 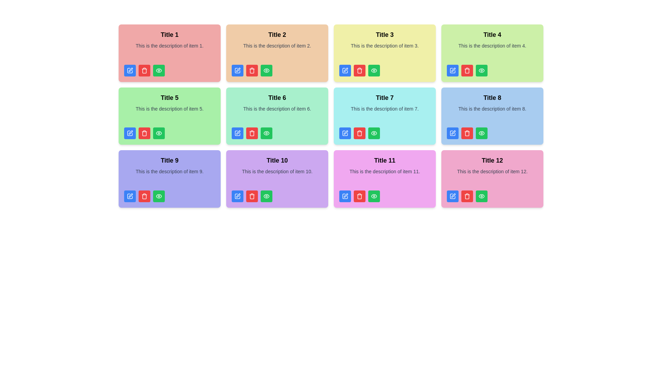 What do you see at coordinates (373, 133) in the screenshot?
I see `the 'view' button, which resembles an eye, located in the interface region associated with 'Title 7', positioned to the right of a red button and below a blue button` at bounding box center [373, 133].